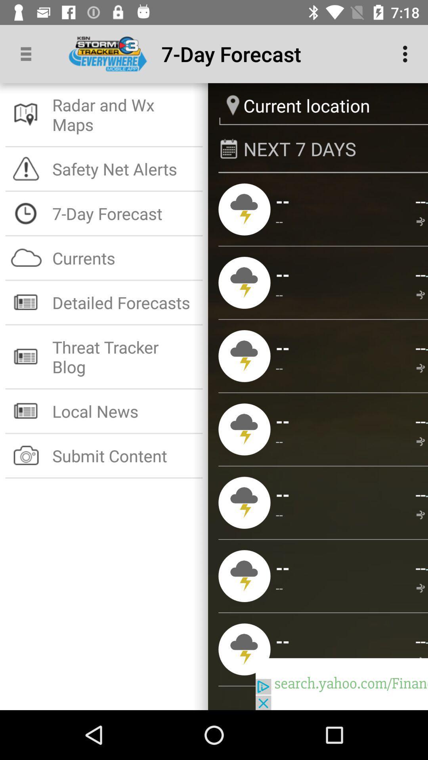 The height and width of the screenshot is (760, 428). What do you see at coordinates (125, 168) in the screenshot?
I see `icon above 7-day forecast app` at bounding box center [125, 168].